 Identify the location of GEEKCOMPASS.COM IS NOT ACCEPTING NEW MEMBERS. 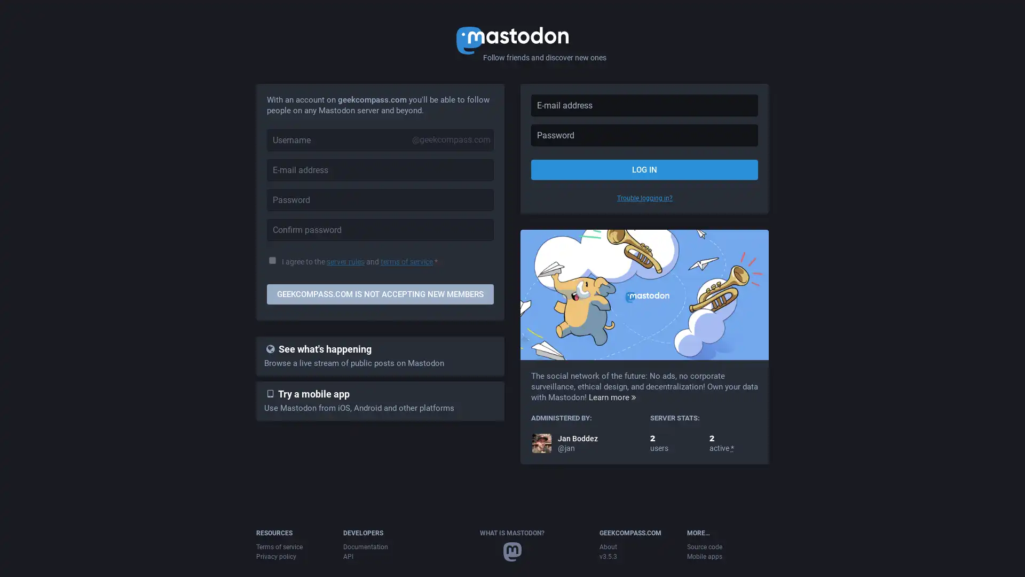
(380, 294).